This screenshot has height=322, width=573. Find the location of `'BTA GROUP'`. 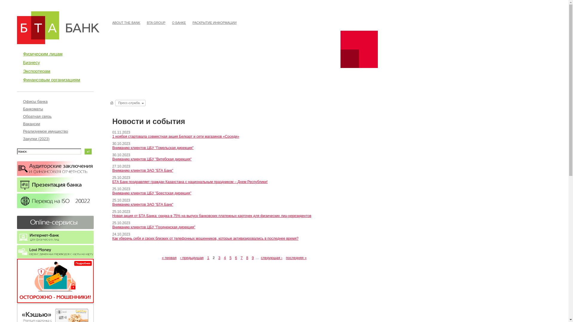

'BTA GROUP' is located at coordinates (144, 22).